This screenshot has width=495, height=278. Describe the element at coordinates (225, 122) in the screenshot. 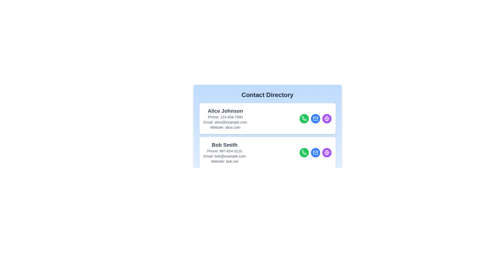

I see `the text 'Email' within the contact card of 'Alice Johnson'` at that location.